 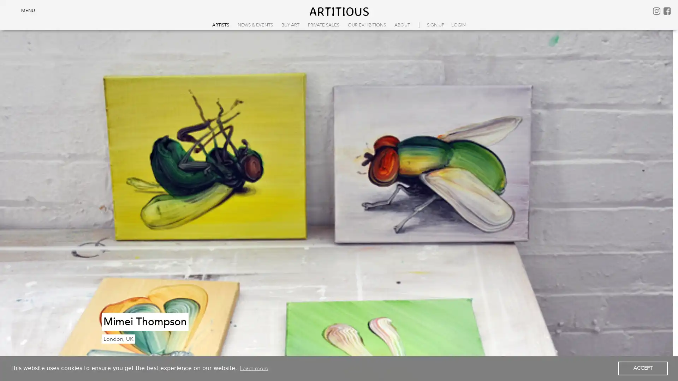 What do you see at coordinates (254, 368) in the screenshot?
I see `learn more about cookies` at bounding box center [254, 368].